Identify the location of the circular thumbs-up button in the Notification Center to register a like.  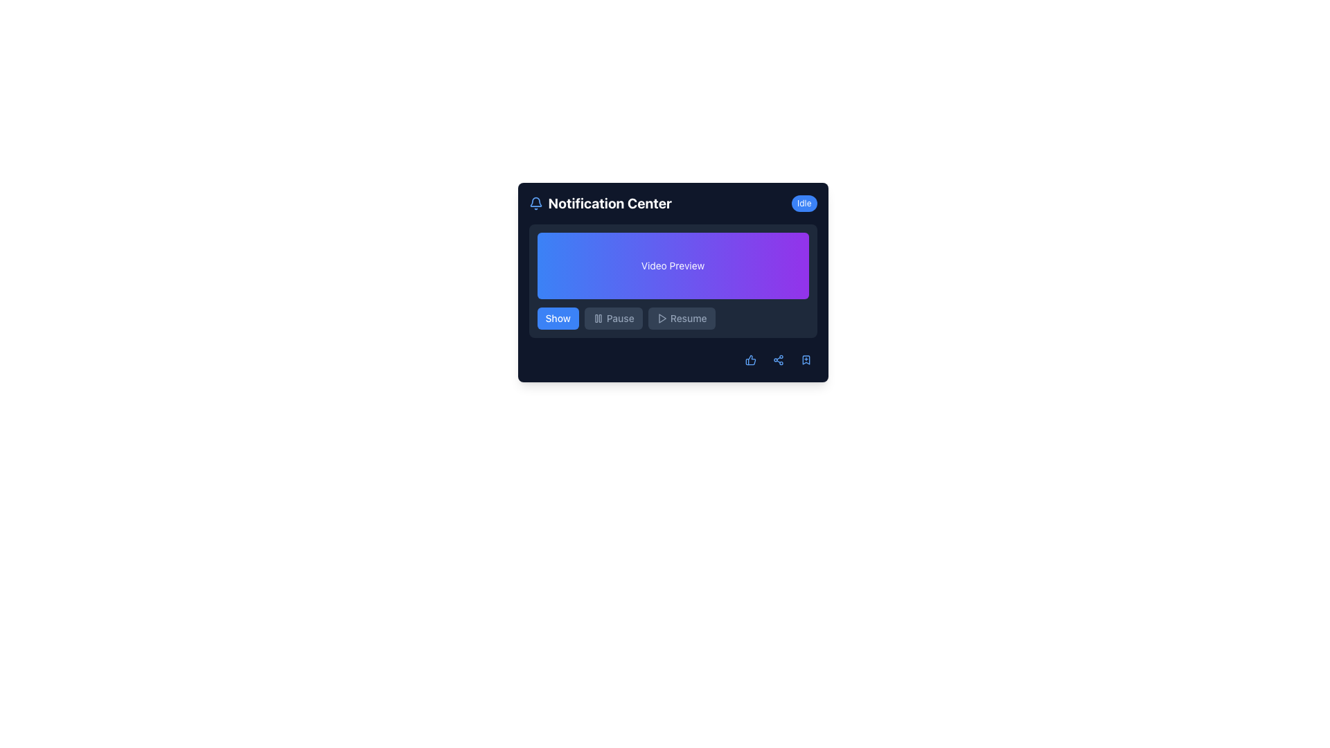
(750, 359).